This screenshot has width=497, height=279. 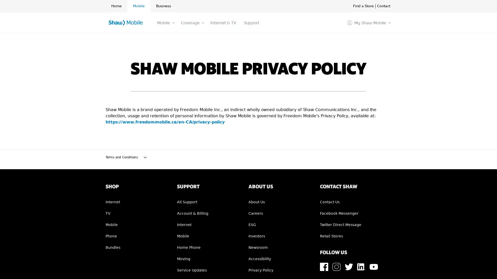 What do you see at coordinates (248, 157) in the screenshot?
I see `Terms and Conditions` at bounding box center [248, 157].